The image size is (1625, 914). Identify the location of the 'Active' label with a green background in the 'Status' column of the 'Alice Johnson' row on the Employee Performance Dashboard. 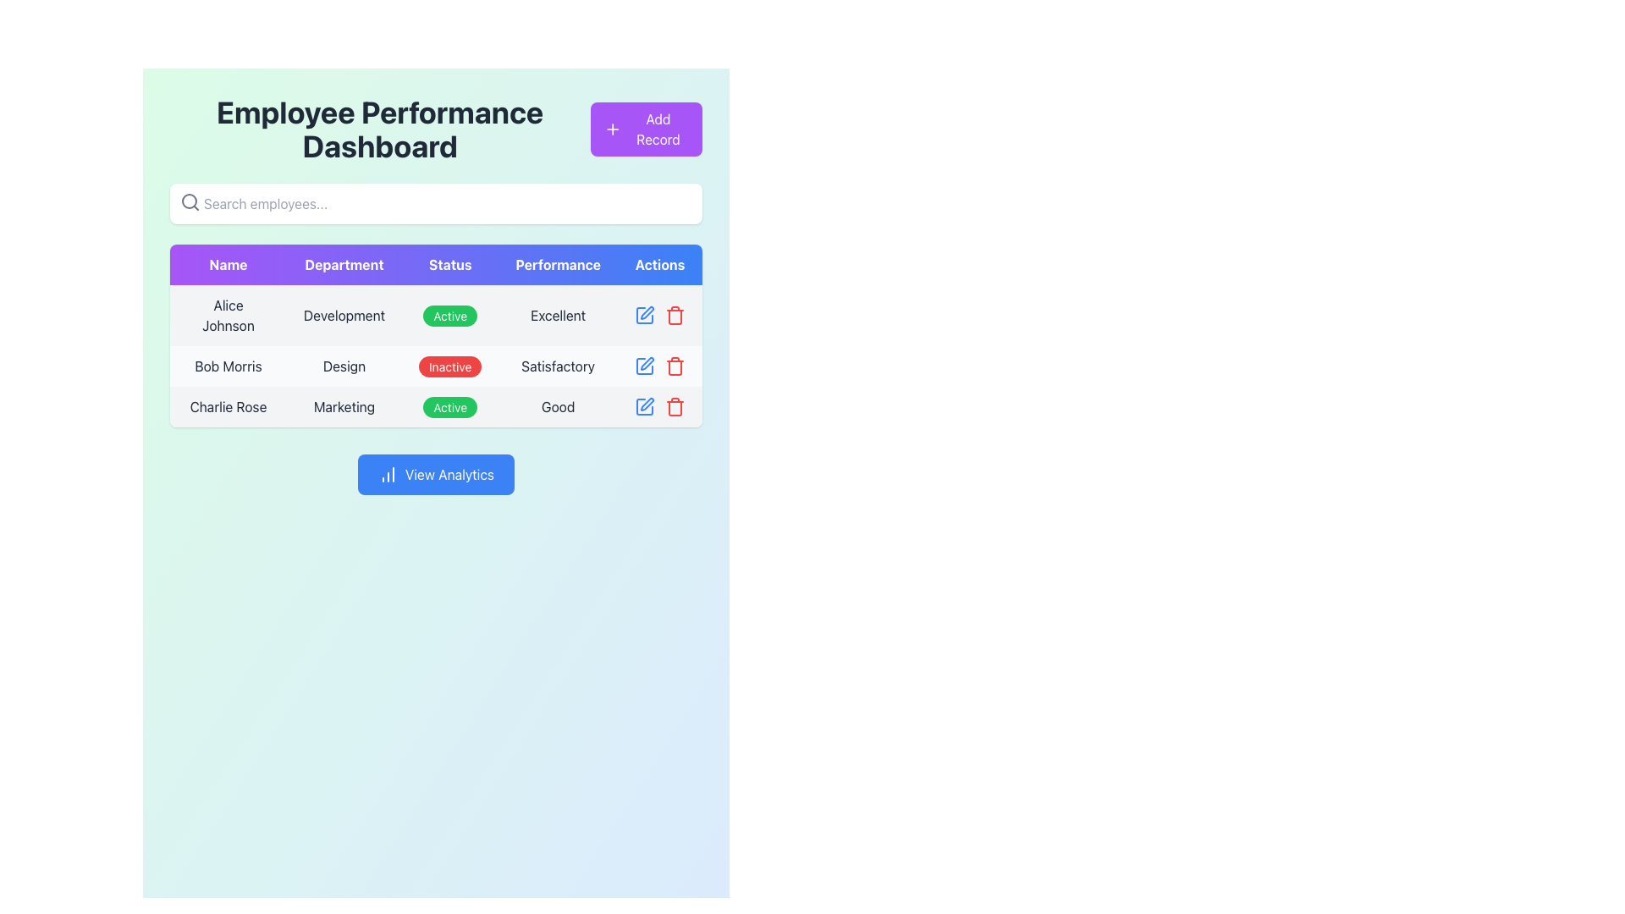
(436, 316).